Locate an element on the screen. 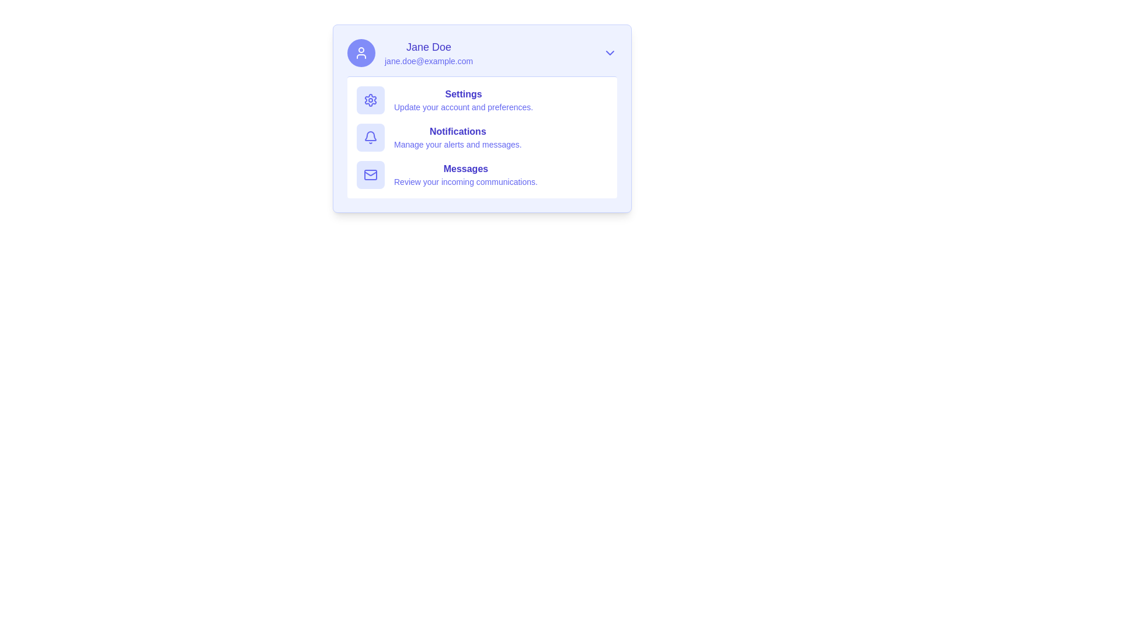 This screenshot has width=1121, height=630. the envelope icon representing mail within the 'Messages' option in the user control panel is located at coordinates (370, 175).